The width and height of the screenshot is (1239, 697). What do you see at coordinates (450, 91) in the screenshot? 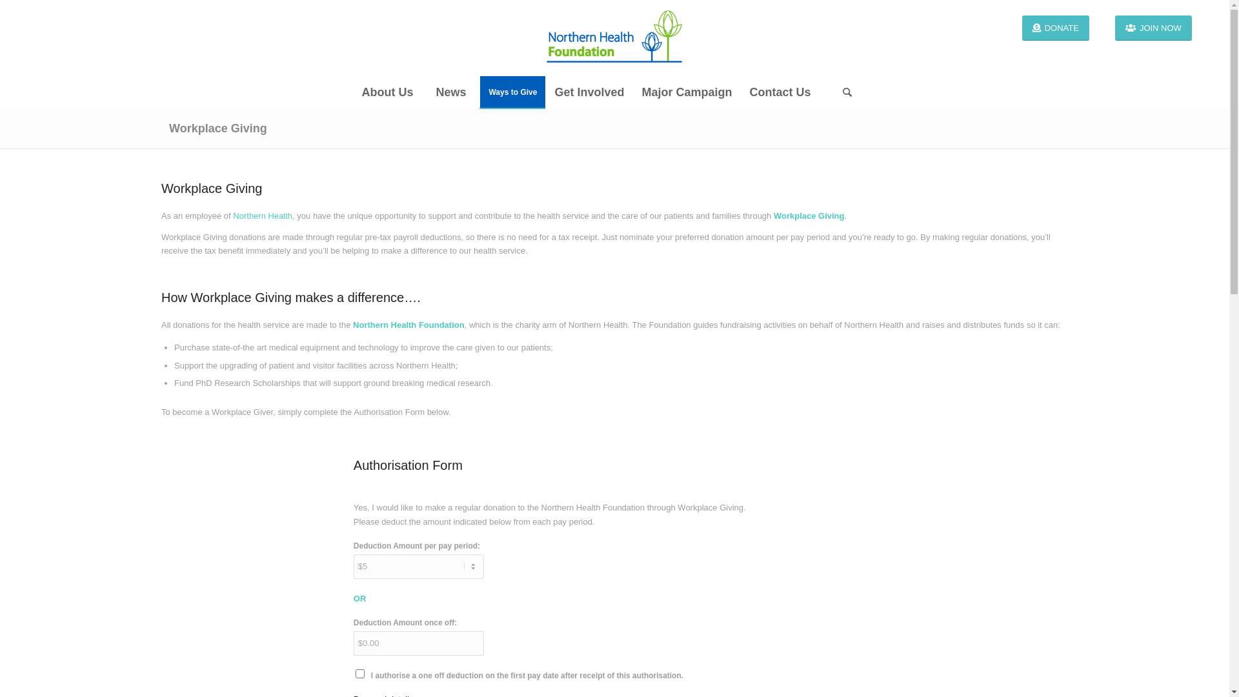
I see `'News'` at bounding box center [450, 91].